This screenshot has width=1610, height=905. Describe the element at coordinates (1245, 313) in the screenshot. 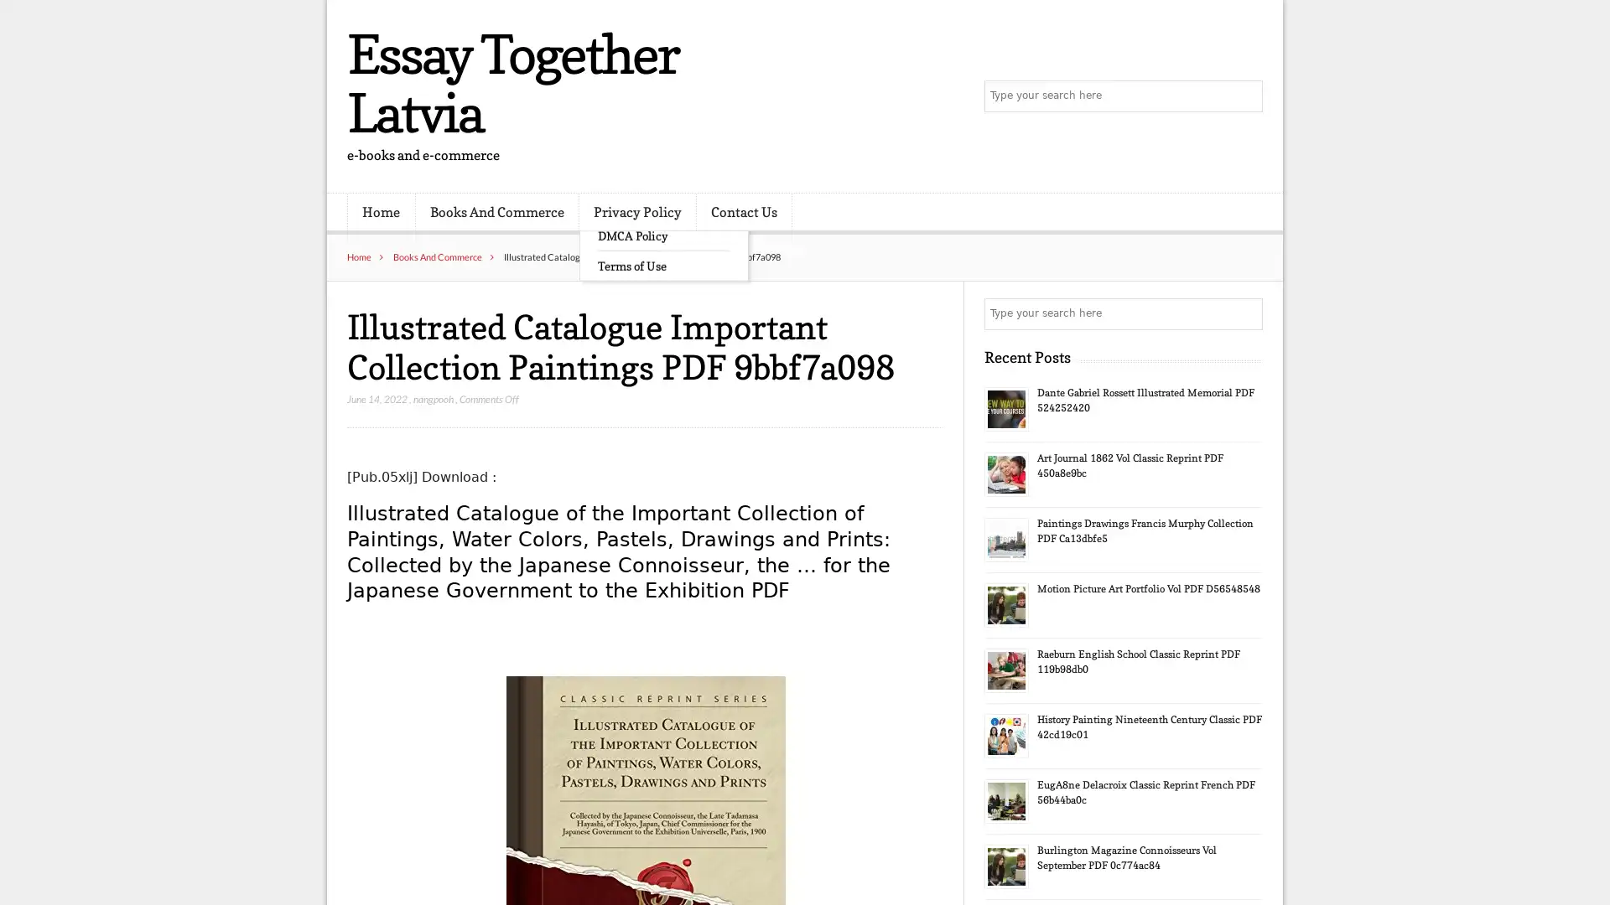

I see `Search` at that location.